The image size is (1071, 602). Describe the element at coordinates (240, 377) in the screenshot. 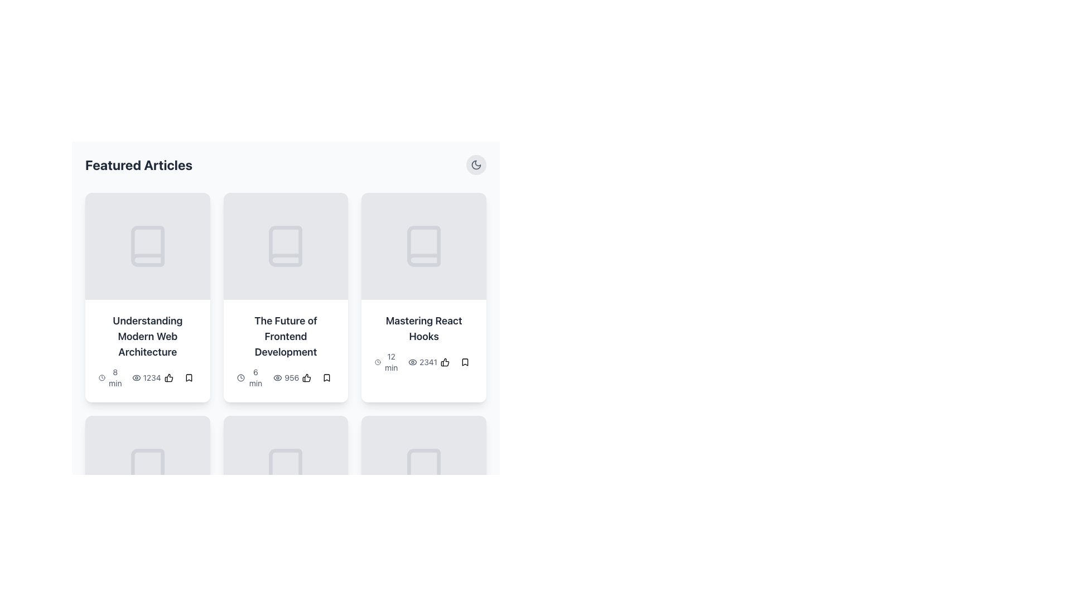

I see `the clock icon that is positioned to the left of the text '6 min' within the card titled 'The Future of Frontend Development.'` at that location.